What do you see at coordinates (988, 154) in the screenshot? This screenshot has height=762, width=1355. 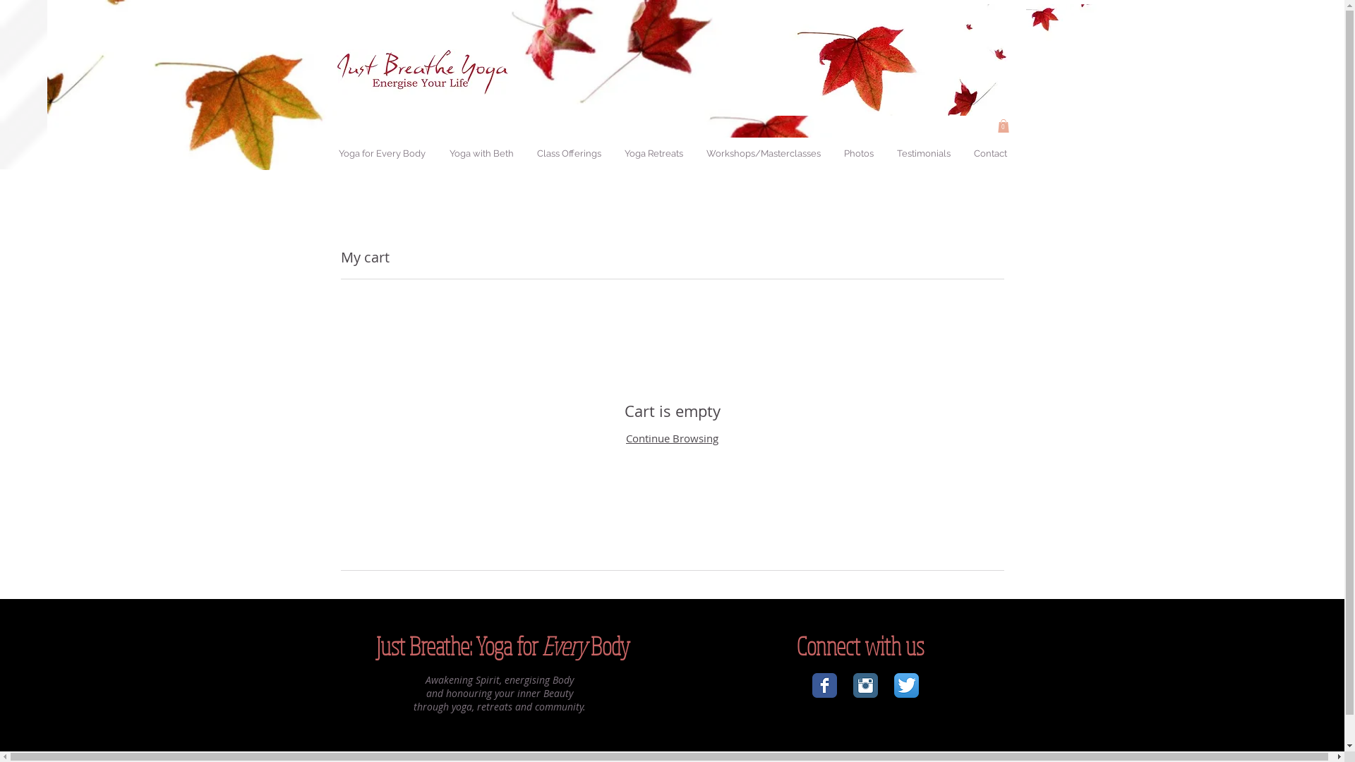 I see `'Contact'` at bounding box center [988, 154].